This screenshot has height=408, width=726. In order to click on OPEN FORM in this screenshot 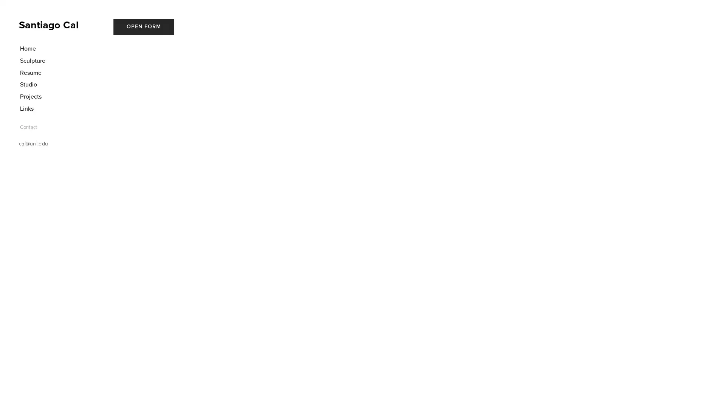, I will do `click(144, 26)`.